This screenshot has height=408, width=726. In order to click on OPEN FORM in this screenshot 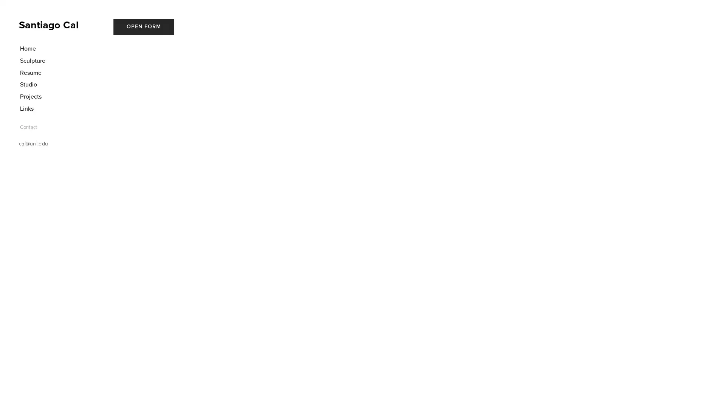, I will do `click(144, 26)`.